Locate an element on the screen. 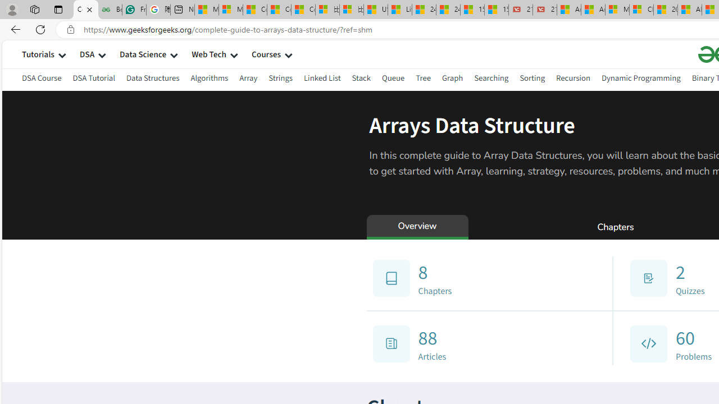 This screenshot has height=404, width=719. 'DSA Course' is located at coordinates (42, 79).